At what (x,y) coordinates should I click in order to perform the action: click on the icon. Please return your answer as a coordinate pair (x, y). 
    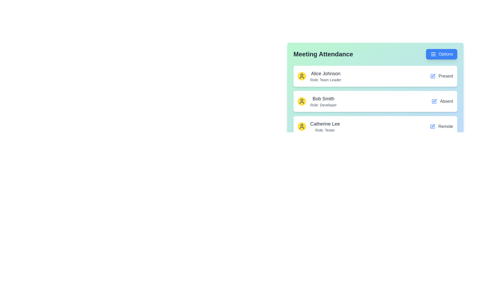
    Looking at the image, I should click on (433, 54).